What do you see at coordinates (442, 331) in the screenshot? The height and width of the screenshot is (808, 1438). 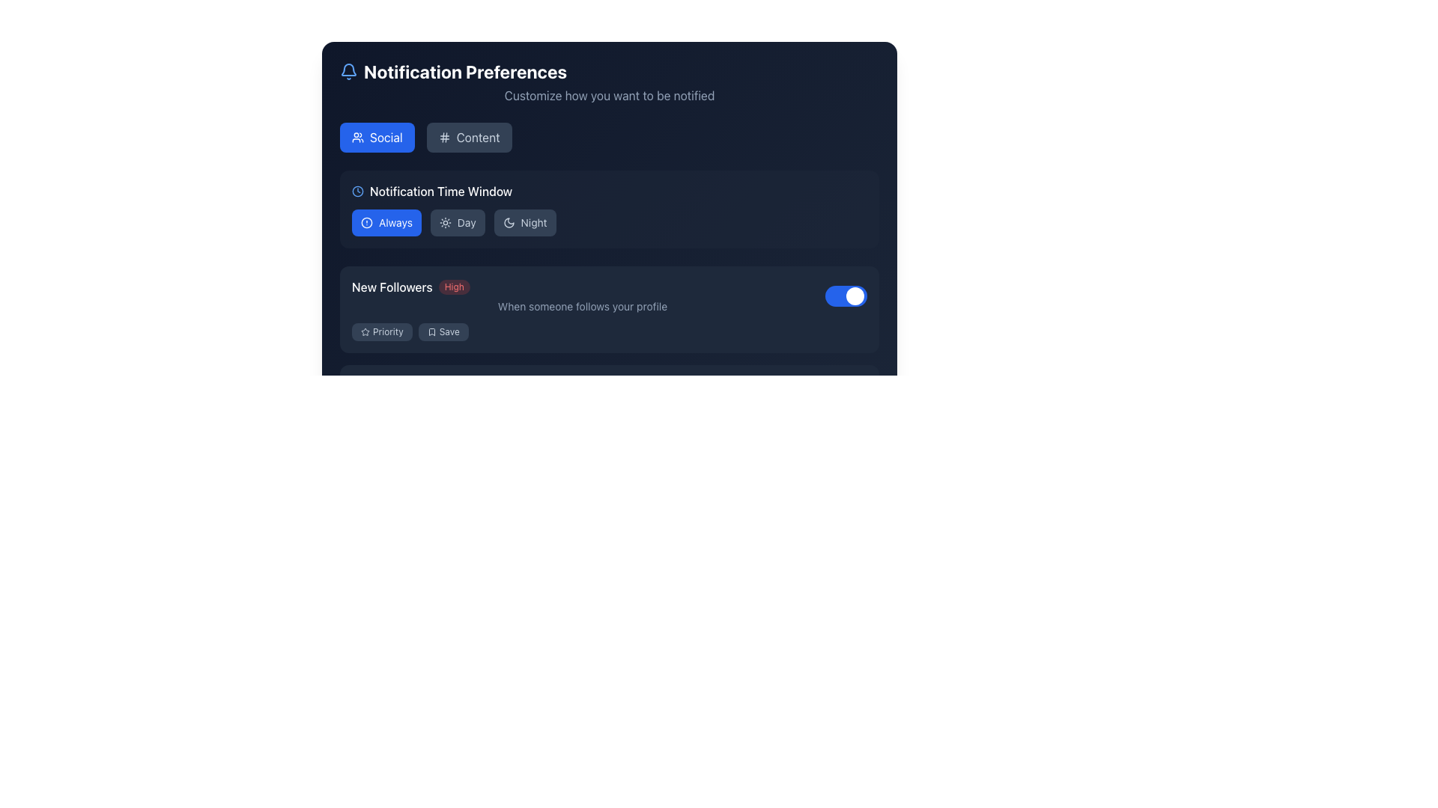 I see `the 'Save' button with a bookmark icon located next to the 'Priority' button in the 'New Followers' section` at bounding box center [442, 331].